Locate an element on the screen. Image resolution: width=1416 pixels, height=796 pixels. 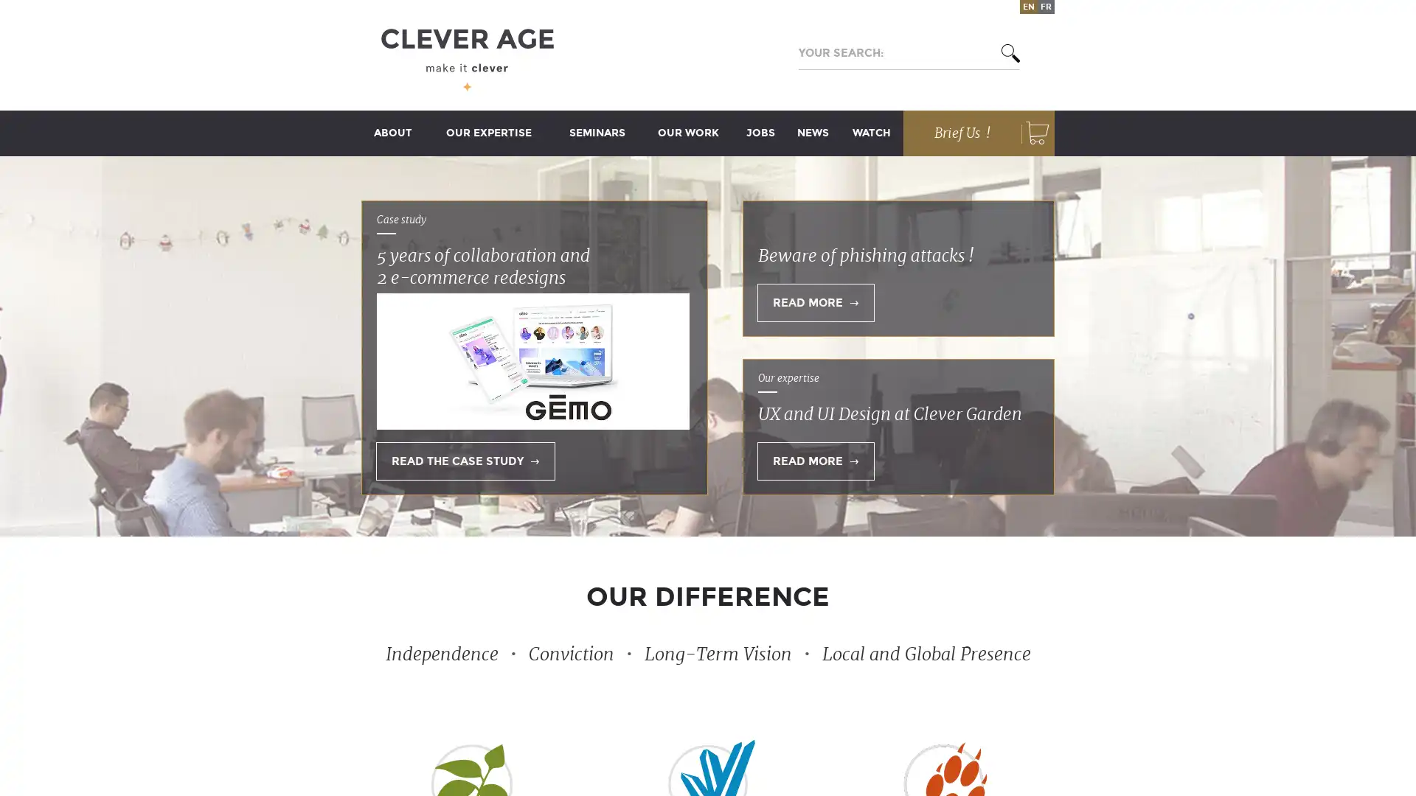
Cookies Settings is located at coordinates (544, 428).